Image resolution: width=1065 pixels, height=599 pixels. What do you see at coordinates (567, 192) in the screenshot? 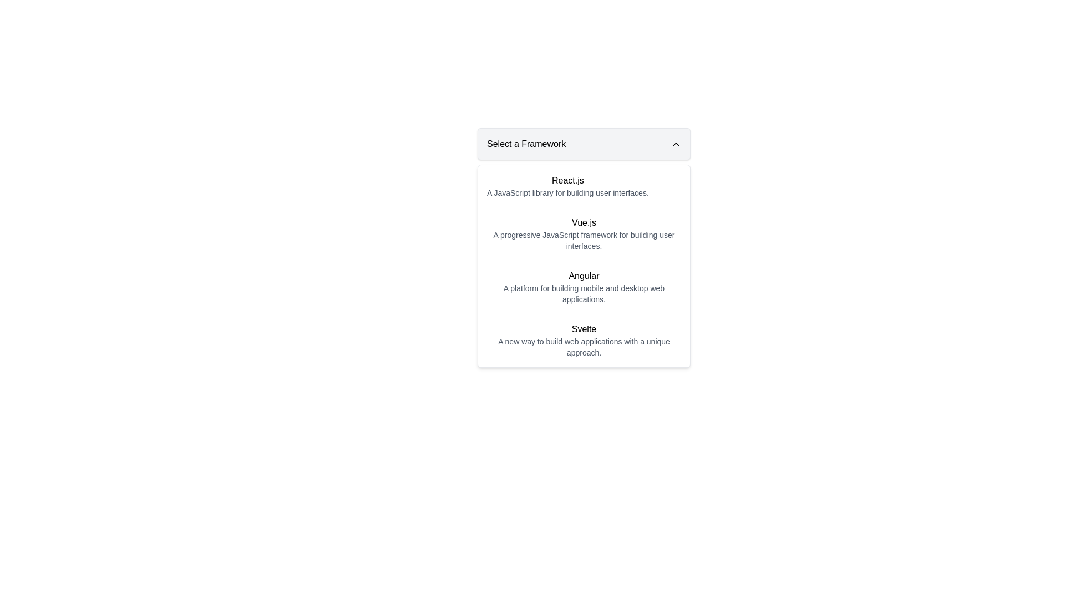
I see `the static text providing a brief explanation under the 'React.js' title in the 'Select a Framework' section` at bounding box center [567, 192].